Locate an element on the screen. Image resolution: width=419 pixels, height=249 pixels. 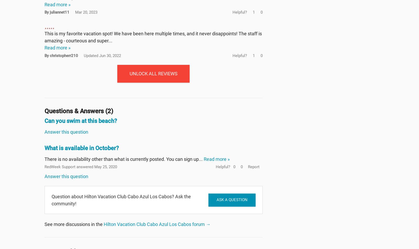
'Question about Hilton Vacation Club Cabo Azul Los Cabos? Ask the community!' is located at coordinates (121, 200).